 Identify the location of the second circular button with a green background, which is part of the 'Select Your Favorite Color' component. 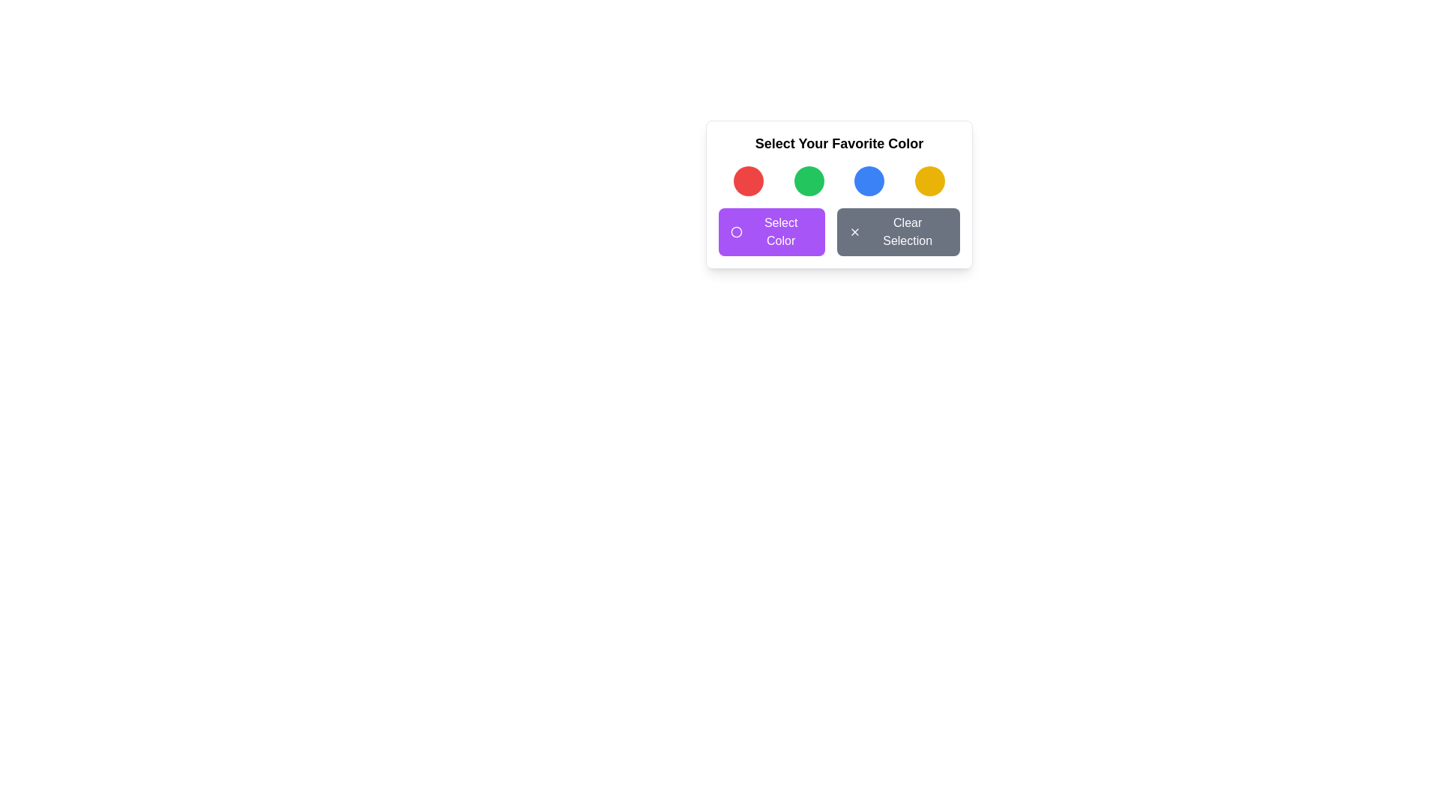
(808, 181).